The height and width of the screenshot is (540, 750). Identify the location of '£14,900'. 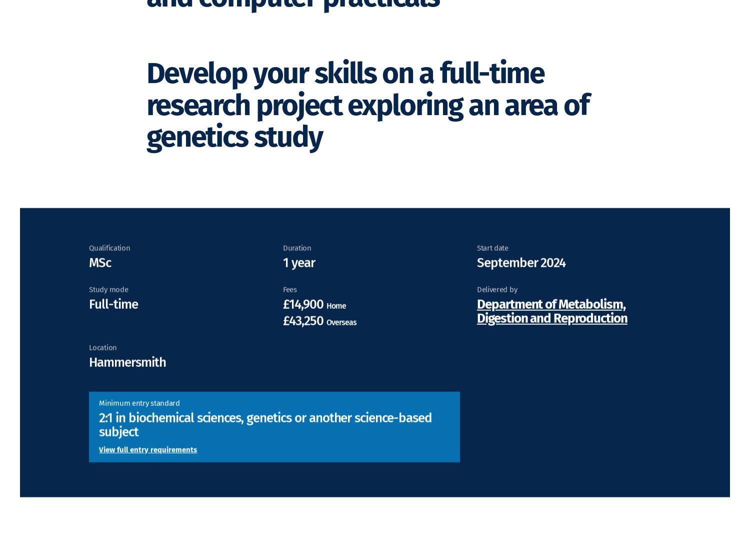
(304, 318).